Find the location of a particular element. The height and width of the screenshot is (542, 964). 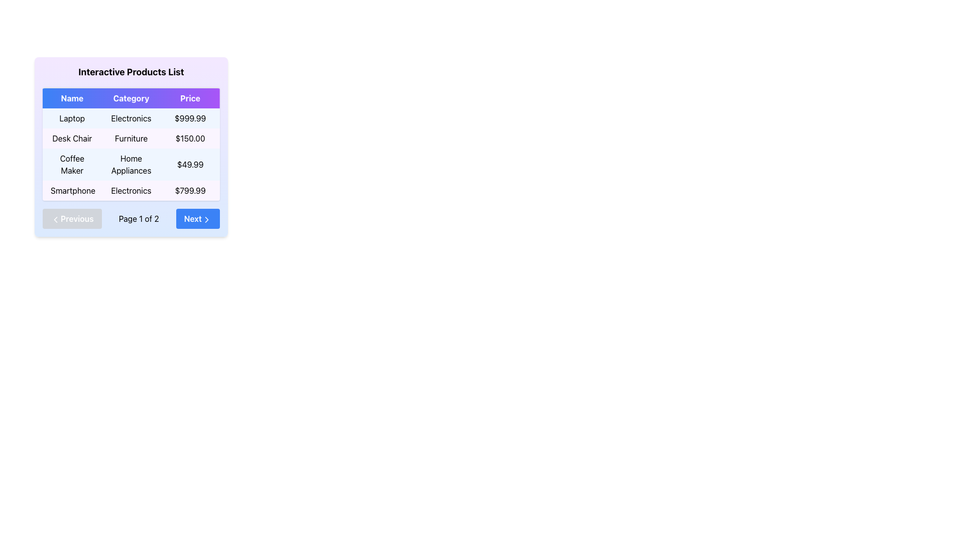

the 'Price' label, a rectangular button-like component with a purple background and white text is located at coordinates (190, 98).